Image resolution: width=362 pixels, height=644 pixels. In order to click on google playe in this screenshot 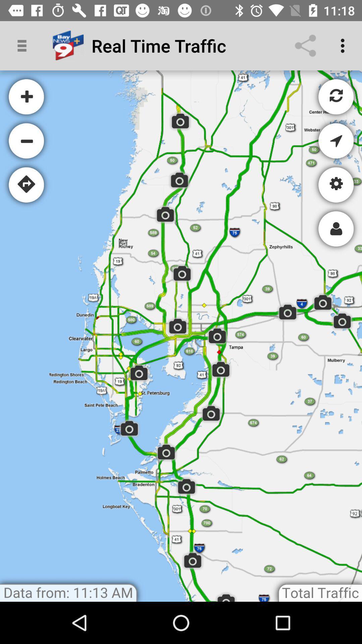, I will do `click(181, 336)`.